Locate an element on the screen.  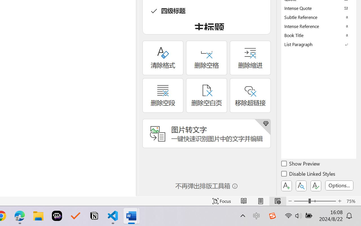
'Options...' is located at coordinates (339, 185).